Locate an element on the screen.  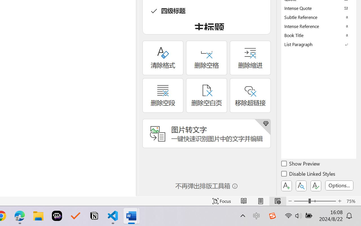
'Options...' is located at coordinates (339, 185).